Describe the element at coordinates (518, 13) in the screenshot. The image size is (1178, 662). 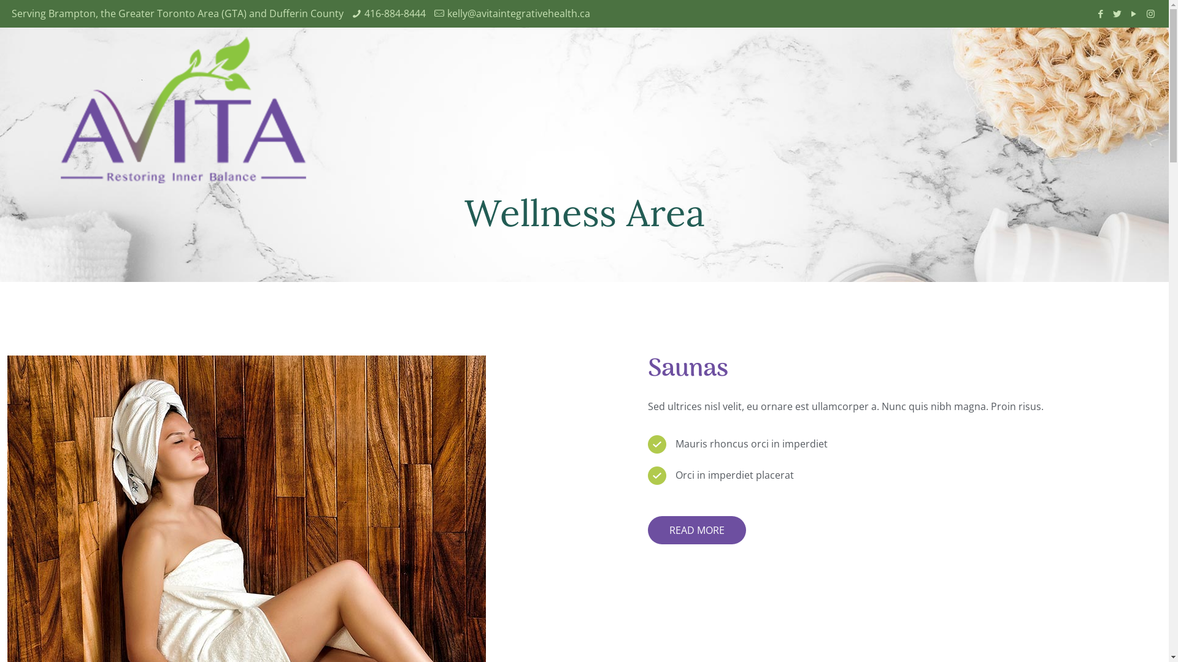
I see `'kelly@avitaintegrativehealth.ca'` at that location.